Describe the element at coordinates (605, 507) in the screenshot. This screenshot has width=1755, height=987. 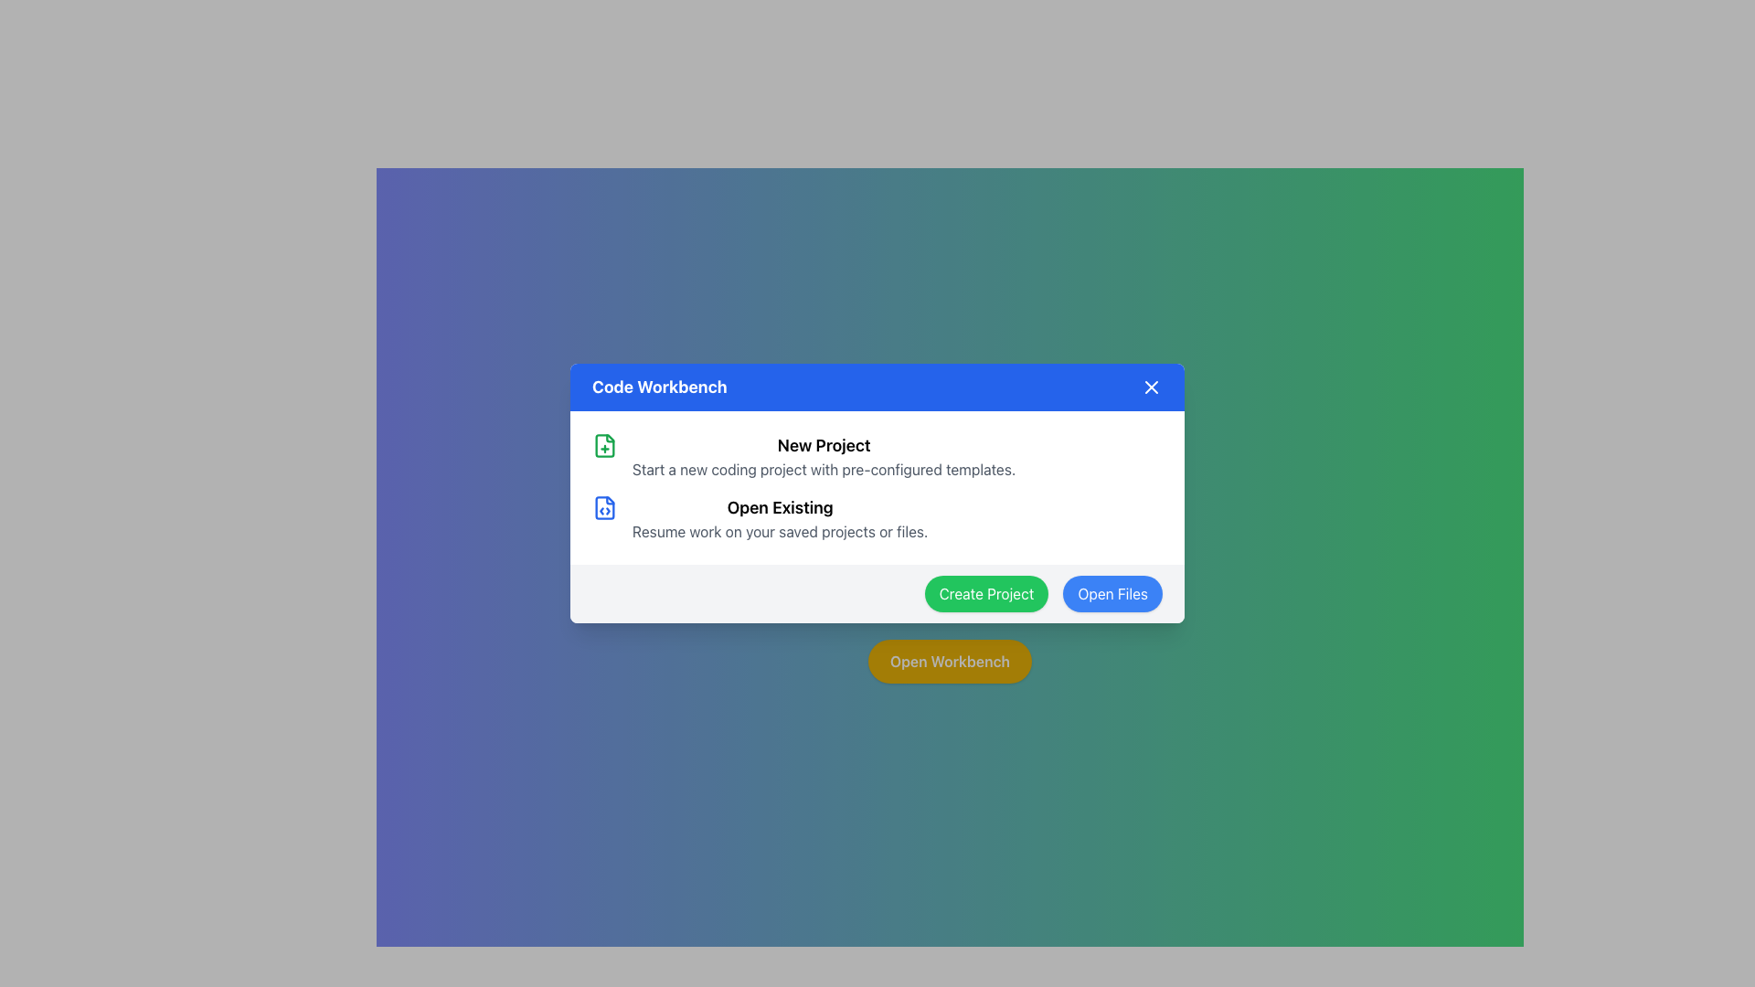
I see `the file icon resembling a document with a folded corner, located in the 'Code Workbench' modal, directly to the left of the 'Open Existing' text` at that location.